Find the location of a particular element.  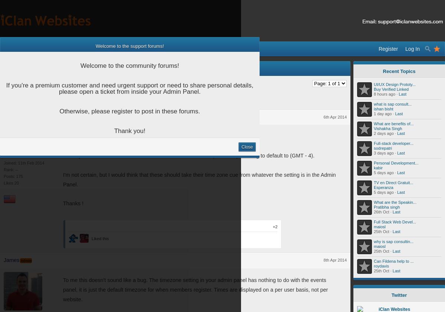

'Pigfarm70' is located at coordinates (16, 117).